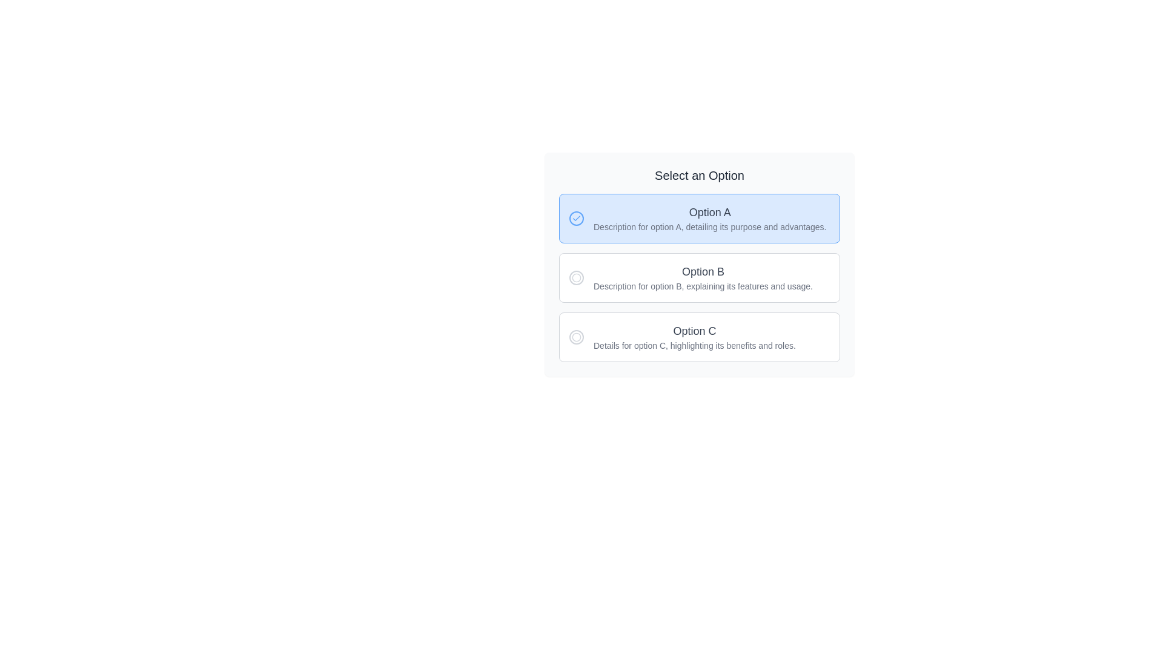 The width and height of the screenshot is (1163, 654). I want to click on descriptive text styled with small, gray-colored font located under the title 'Option A', which reads: 'Description for option A, detailing its purpose and advantages.', so click(710, 226).